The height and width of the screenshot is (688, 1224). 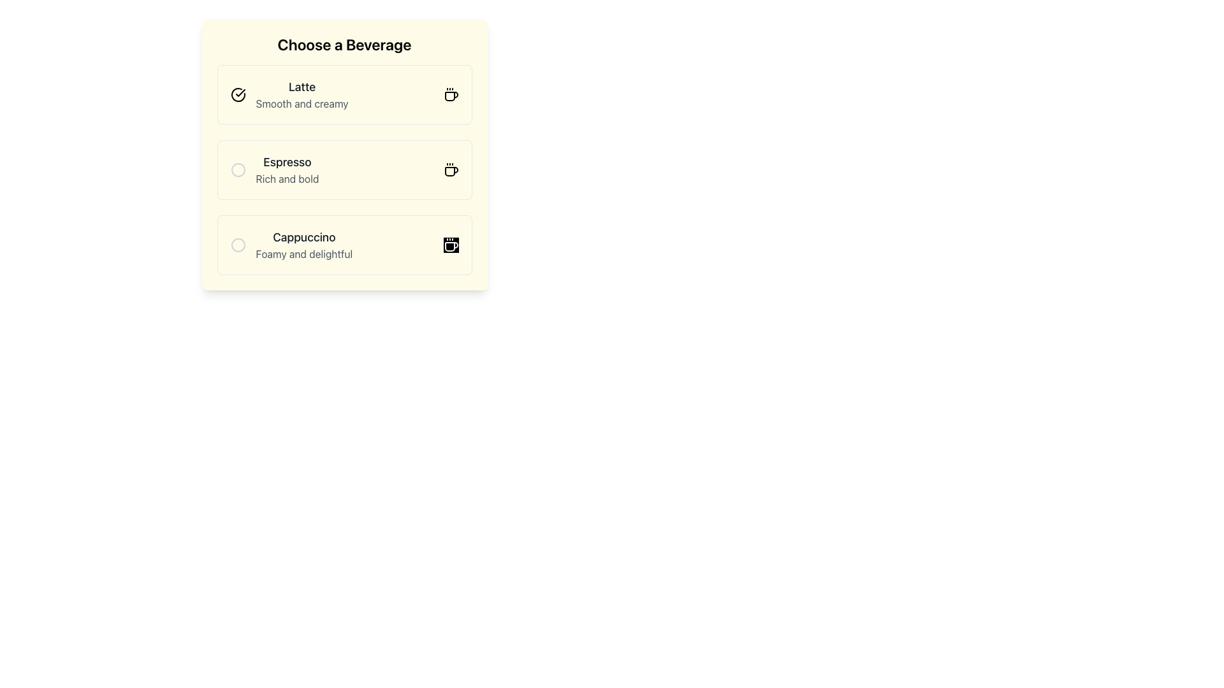 What do you see at coordinates (344, 154) in the screenshot?
I see `the 'Espresso' radio button card` at bounding box center [344, 154].